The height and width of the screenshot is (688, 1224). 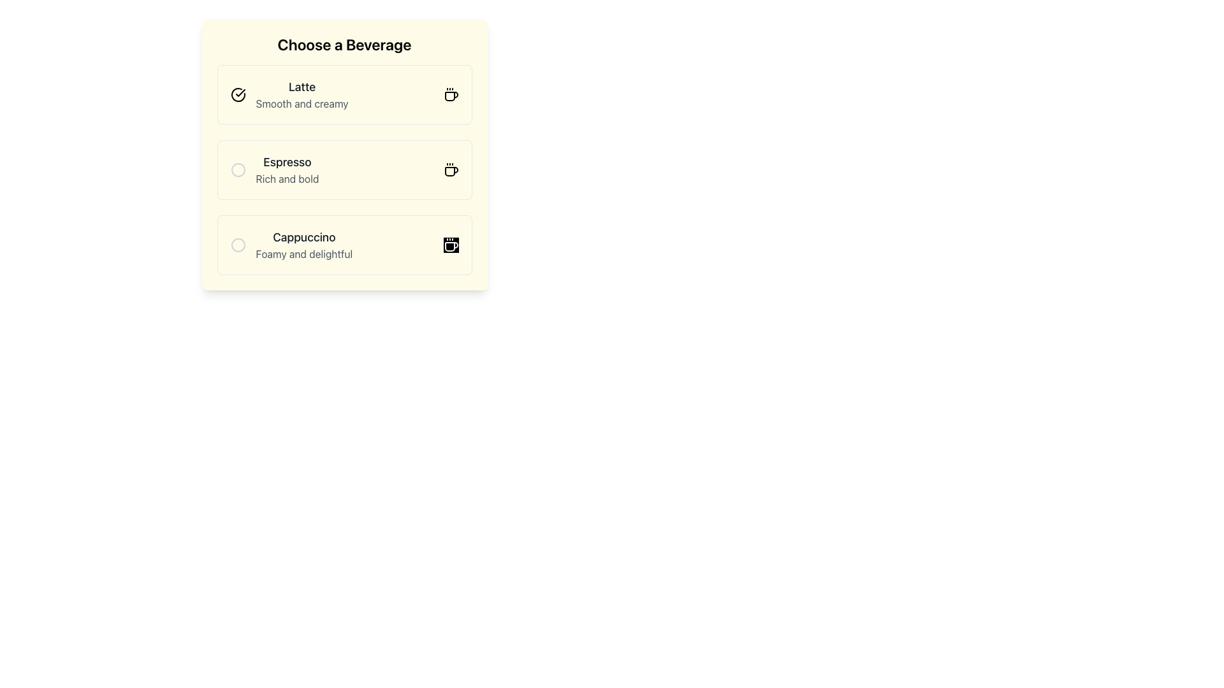 What do you see at coordinates (344, 154) in the screenshot?
I see `the 'Espresso' radio button card` at bounding box center [344, 154].